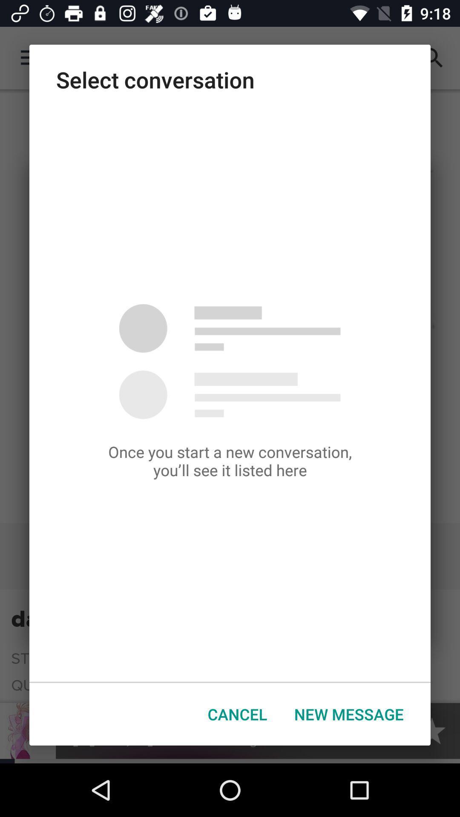  What do you see at coordinates (349, 714) in the screenshot?
I see `the button at the bottom right corner` at bounding box center [349, 714].